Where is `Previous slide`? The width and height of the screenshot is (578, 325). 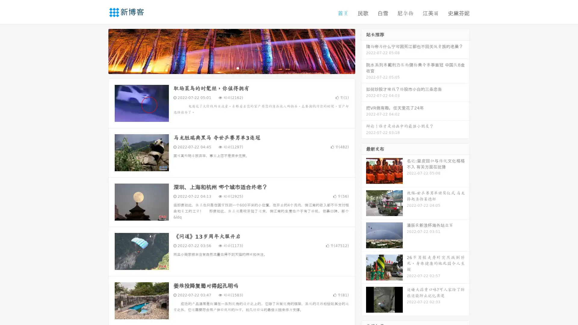 Previous slide is located at coordinates (99, 51).